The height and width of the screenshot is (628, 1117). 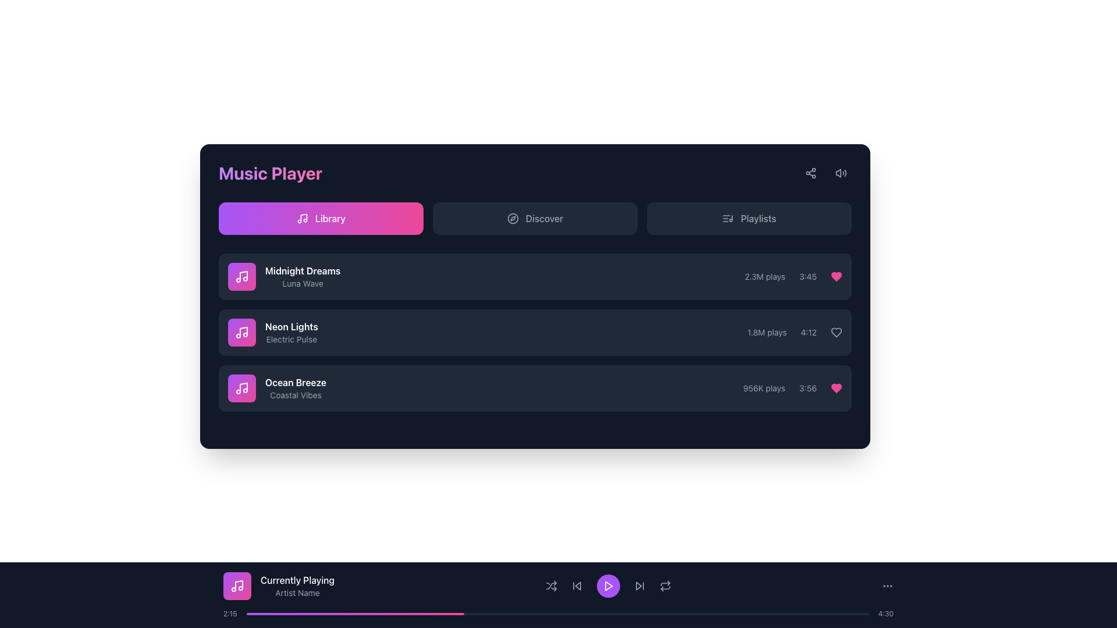 I want to click on the prominent 'Library' text label, styled with white text on a vibrant gradient background, so click(x=329, y=218).